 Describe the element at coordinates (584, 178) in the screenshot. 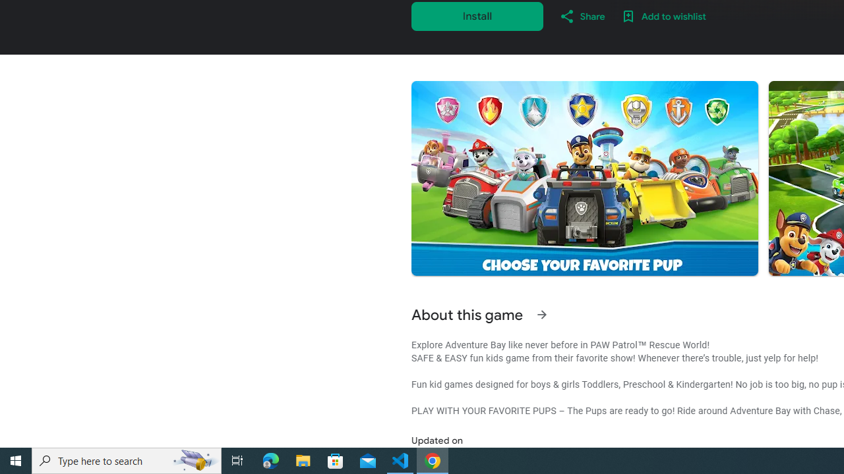

I see `'Screenshot image'` at that location.